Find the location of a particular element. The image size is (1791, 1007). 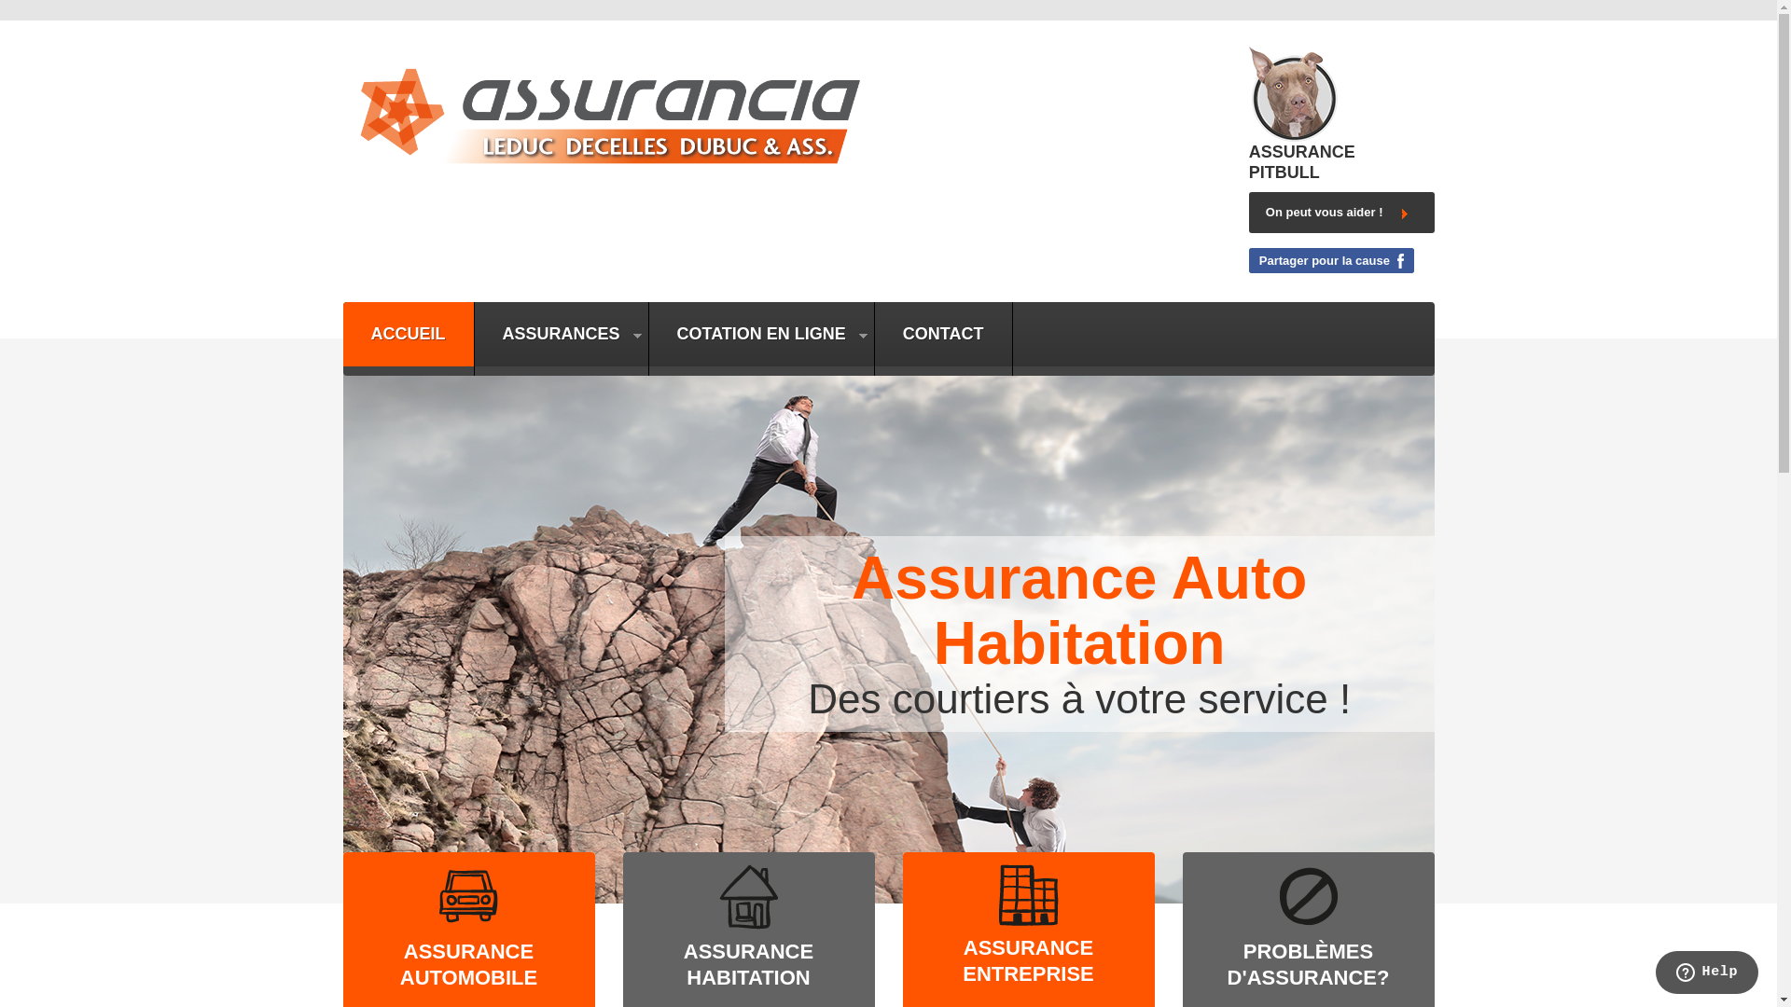

'On peut vous aider !' is located at coordinates (1249, 211).